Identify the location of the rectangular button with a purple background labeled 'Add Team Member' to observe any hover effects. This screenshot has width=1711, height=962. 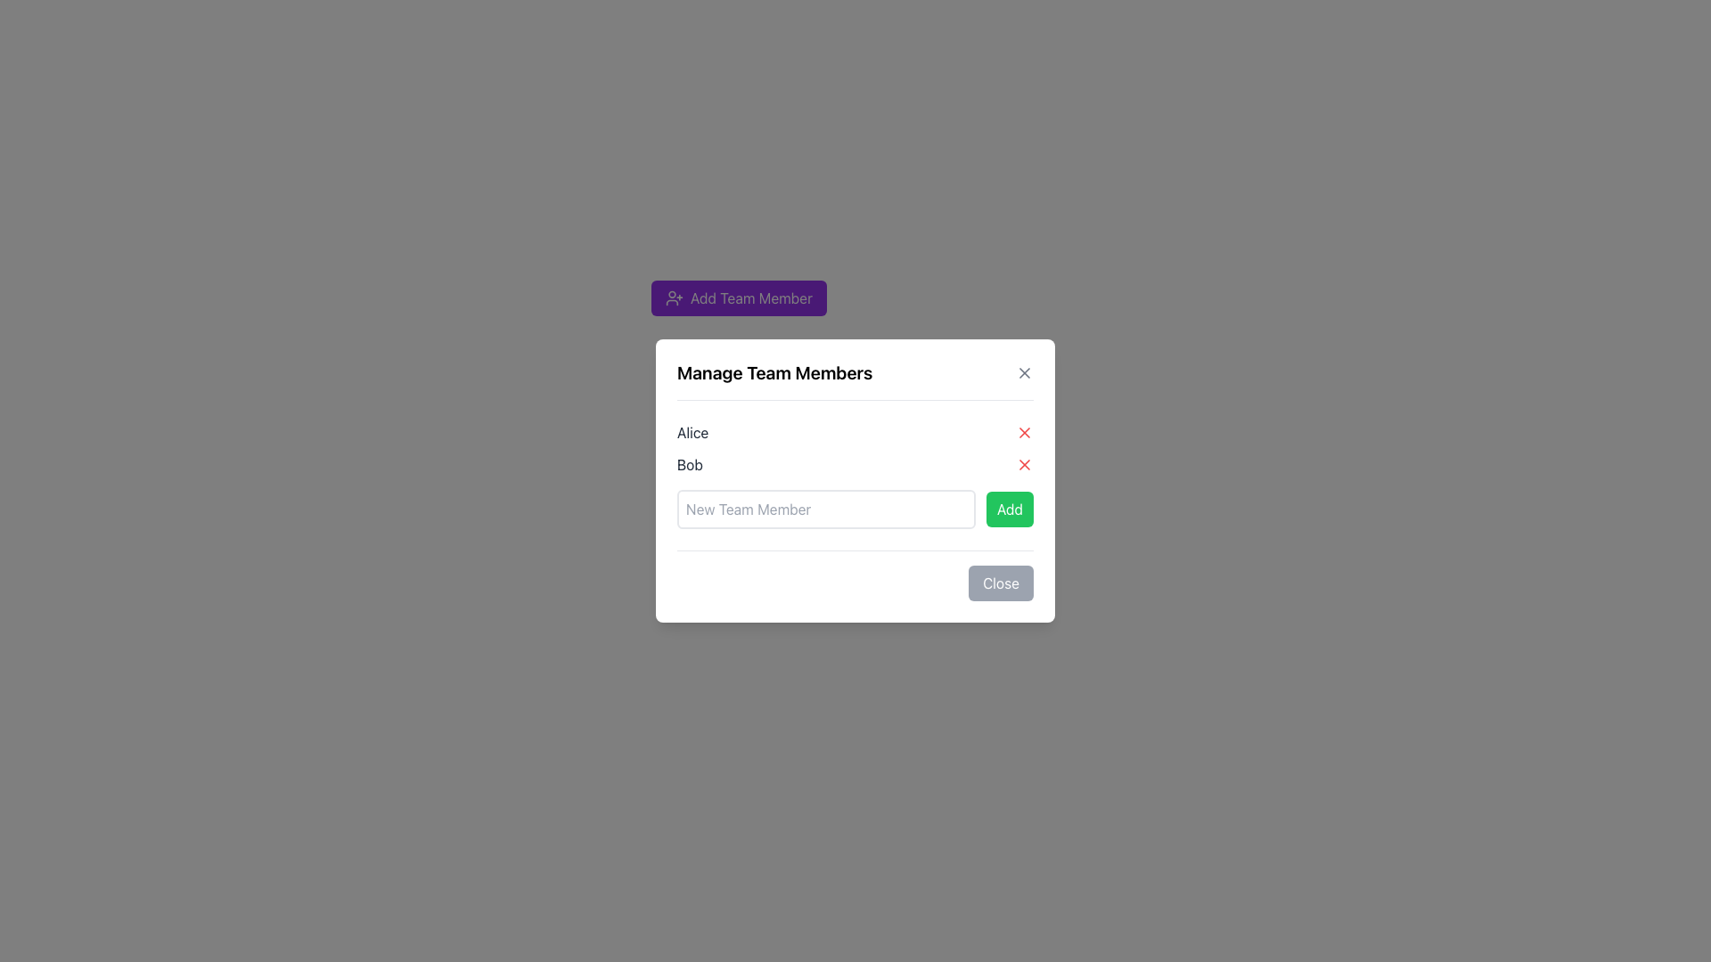
(739, 298).